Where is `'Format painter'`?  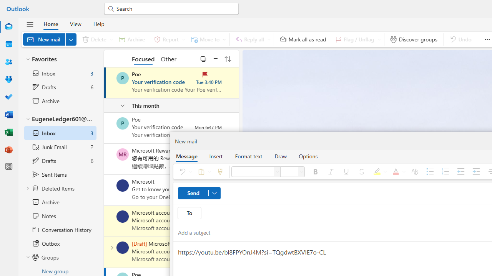 'Format painter' is located at coordinates (219, 171).